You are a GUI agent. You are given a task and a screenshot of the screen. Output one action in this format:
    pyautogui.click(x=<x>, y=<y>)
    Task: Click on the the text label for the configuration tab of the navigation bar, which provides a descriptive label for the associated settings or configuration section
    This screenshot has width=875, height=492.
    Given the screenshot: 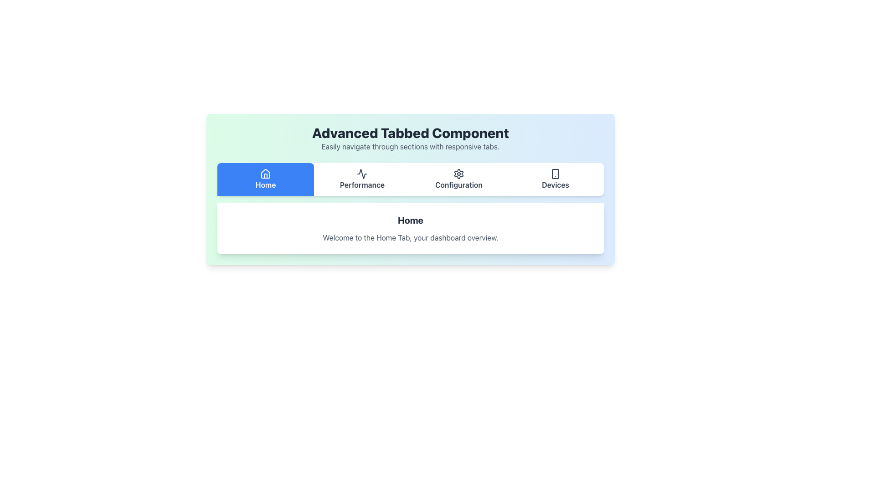 What is the action you would take?
    pyautogui.click(x=459, y=184)
    